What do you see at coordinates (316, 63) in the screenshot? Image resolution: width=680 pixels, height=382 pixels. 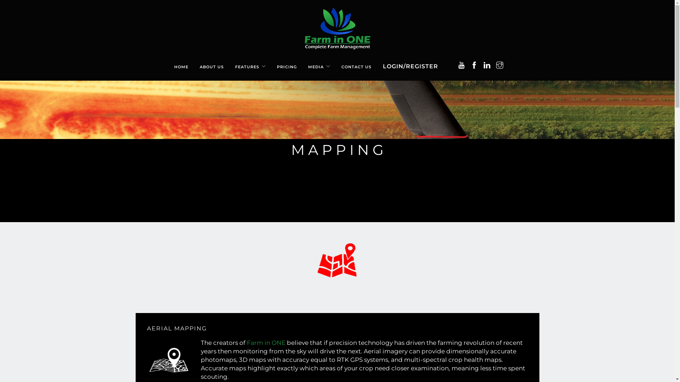 I see `'MEDIA'` at bounding box center [316, 63].